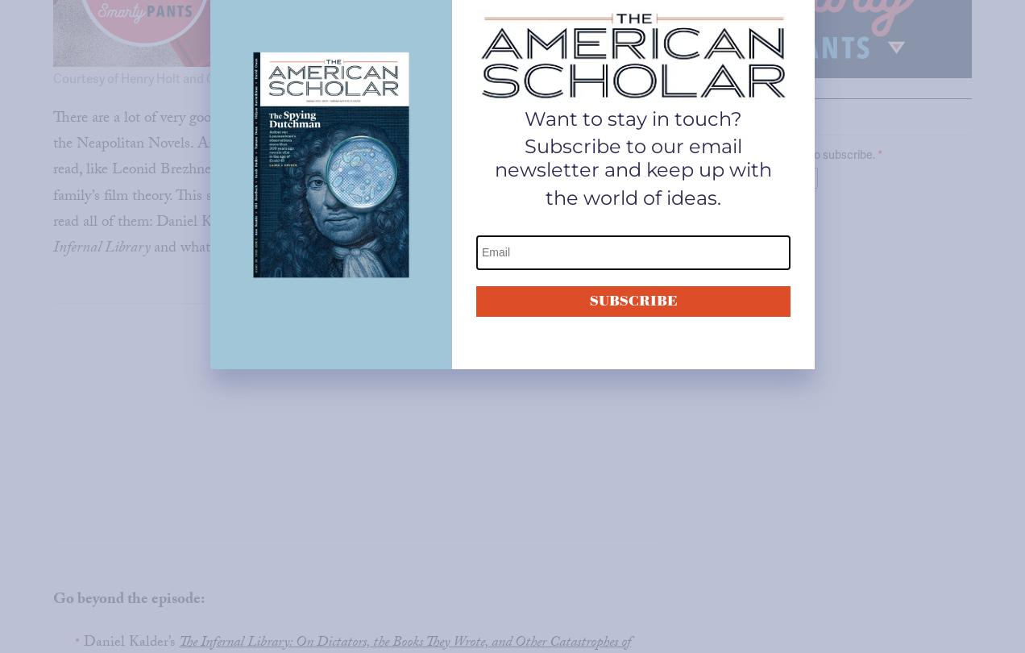  Describe the element at coordinates (516, 119) in the screenshot. I see `'Middlemarch, War and Peace, Don Quixote,'` at that location.